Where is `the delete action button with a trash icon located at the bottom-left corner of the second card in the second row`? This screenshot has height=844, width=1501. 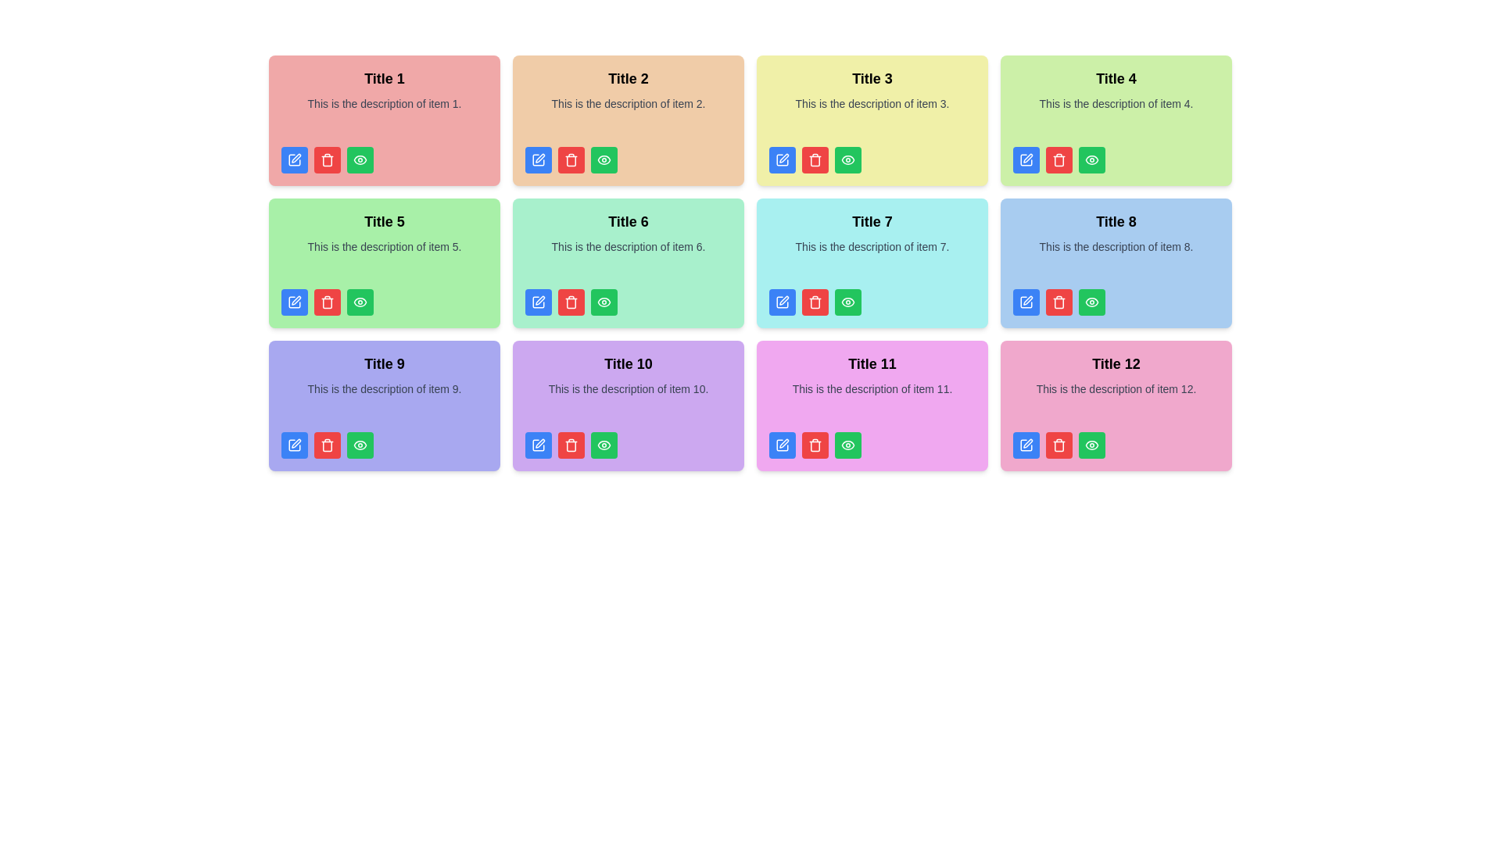 the delete action button with a trash icon located at the bottom-left corner of the second card in the second row is located at coordinates (814, 302).